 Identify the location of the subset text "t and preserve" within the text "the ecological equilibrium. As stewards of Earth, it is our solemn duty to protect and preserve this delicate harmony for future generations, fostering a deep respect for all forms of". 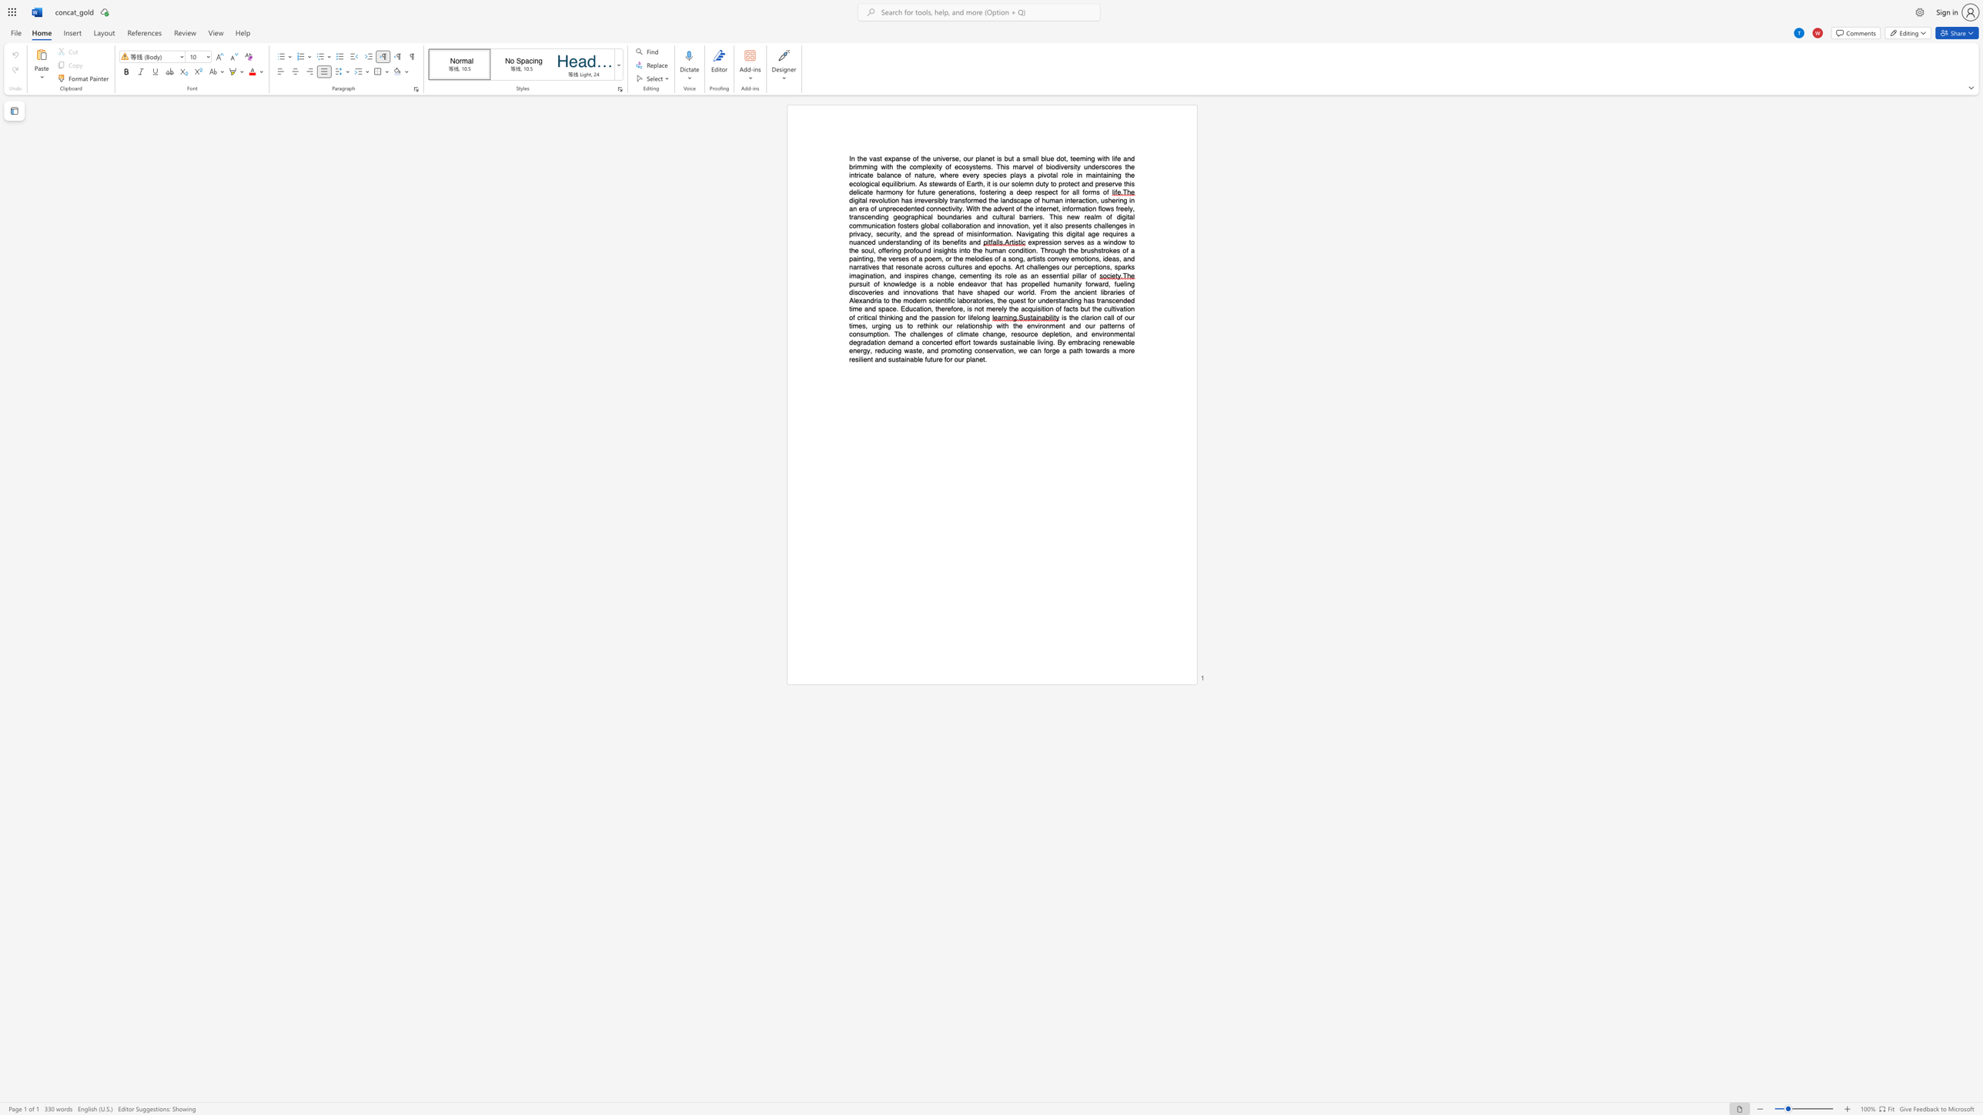
(1078, 182).